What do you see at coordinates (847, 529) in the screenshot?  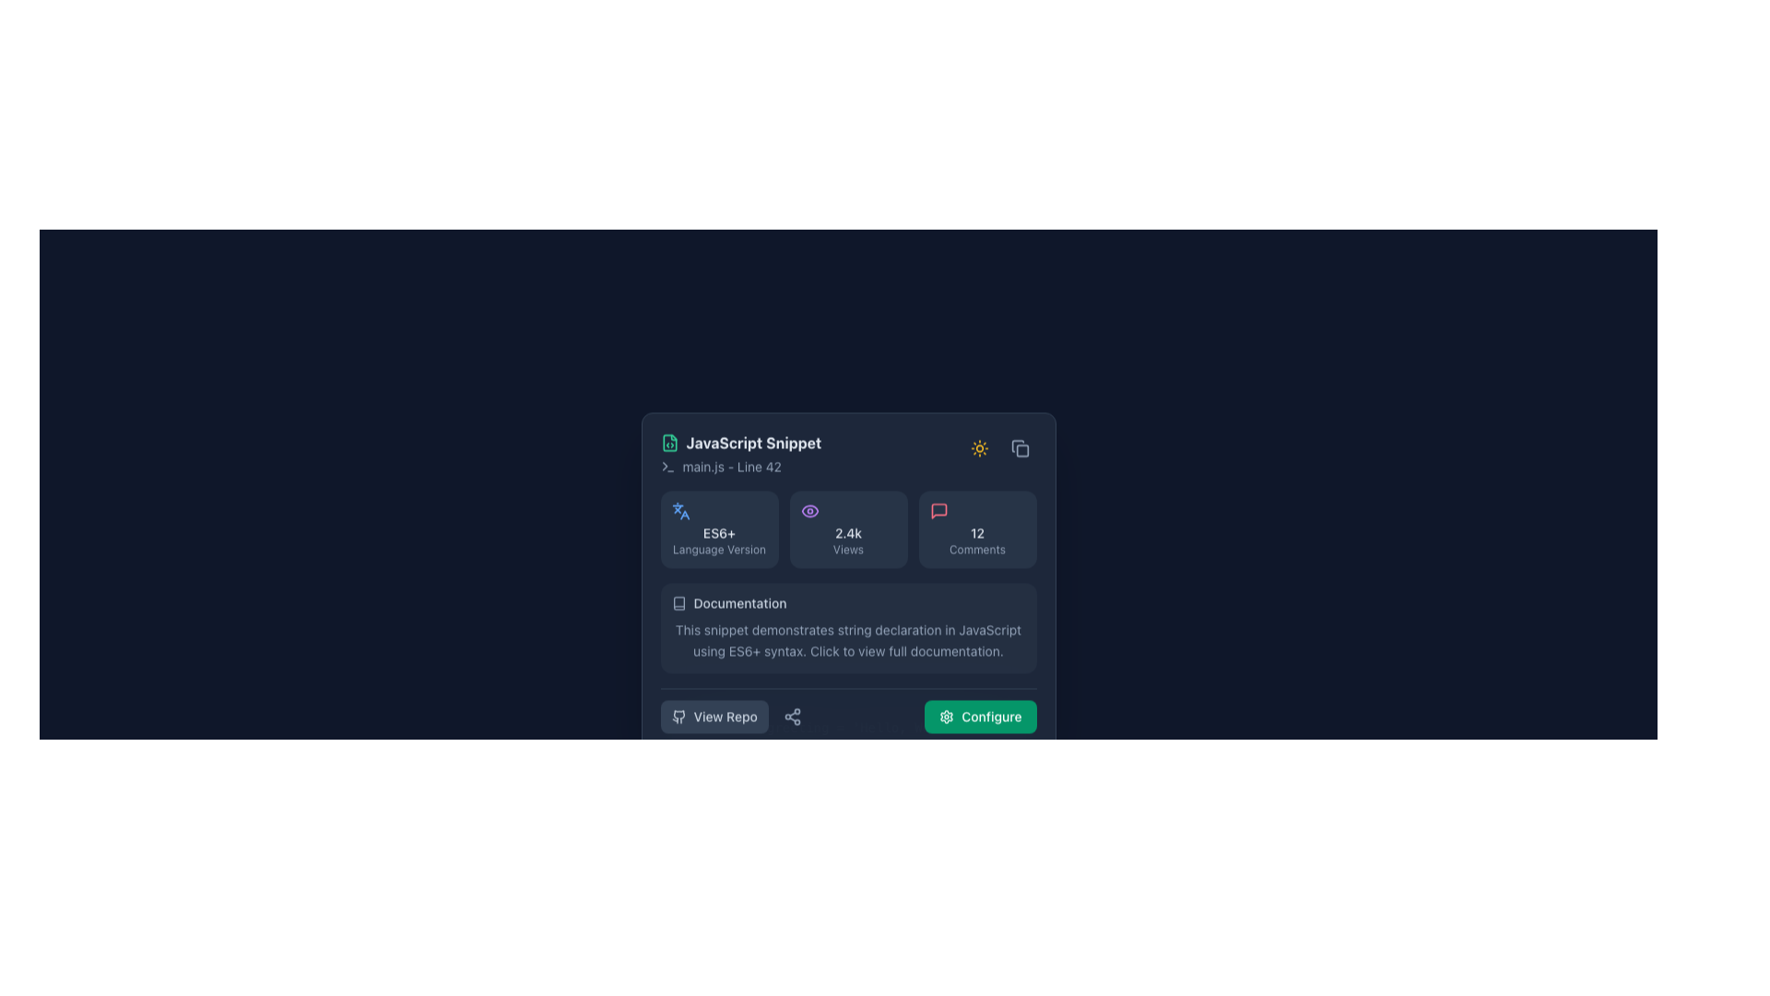 I see `the view count represented by the display card showing '2.4k' views, which is centrally located in the middle column between 'ES6+ Language Version' and '12 Comments'` at bounding box center [847, 529].